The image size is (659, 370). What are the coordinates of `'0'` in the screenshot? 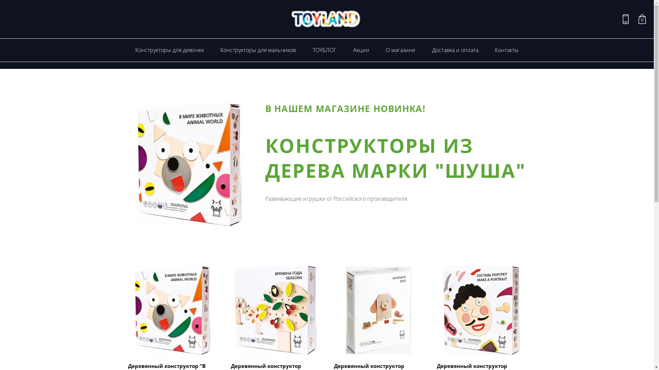 It's located at (642, 19).